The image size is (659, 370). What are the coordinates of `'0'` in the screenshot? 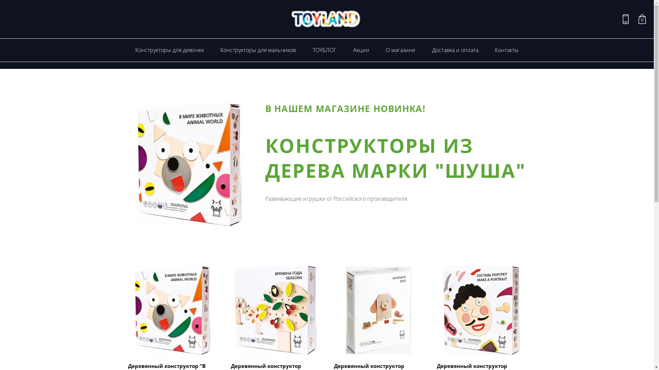 It's located at (642, 19).